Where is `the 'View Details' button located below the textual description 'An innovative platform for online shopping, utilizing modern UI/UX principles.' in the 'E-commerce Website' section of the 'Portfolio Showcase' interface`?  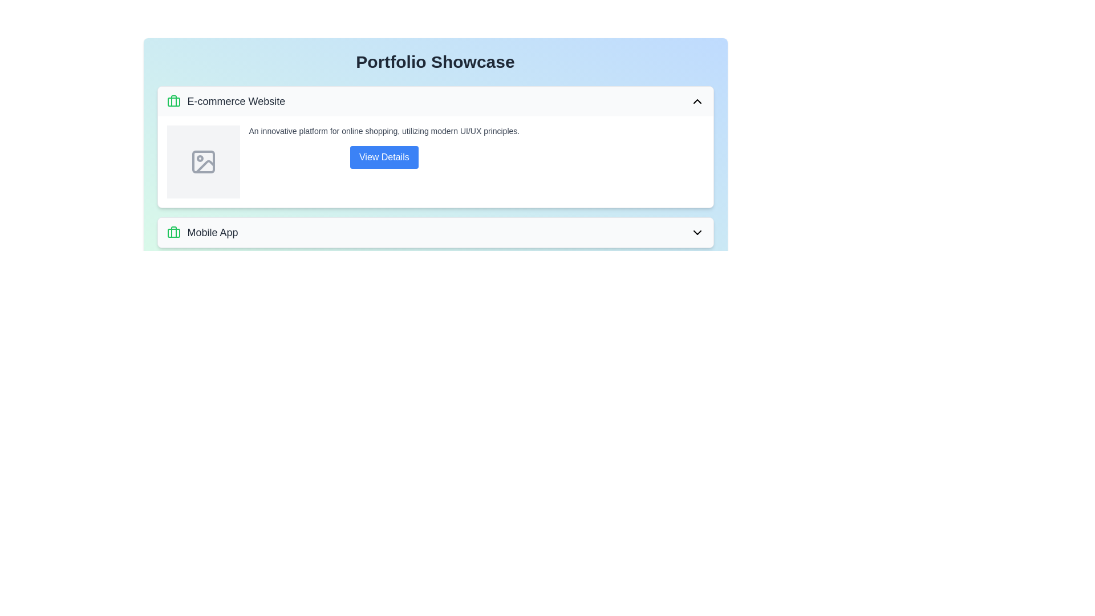 the 'View Details' button located below the textual description 'An innovative platform for online shopping, utilizing modern UI/UX principles.' in the 'E-commerce Website' section of the 'Portfolio Showcase' interface is located at coordinates (384, 147).